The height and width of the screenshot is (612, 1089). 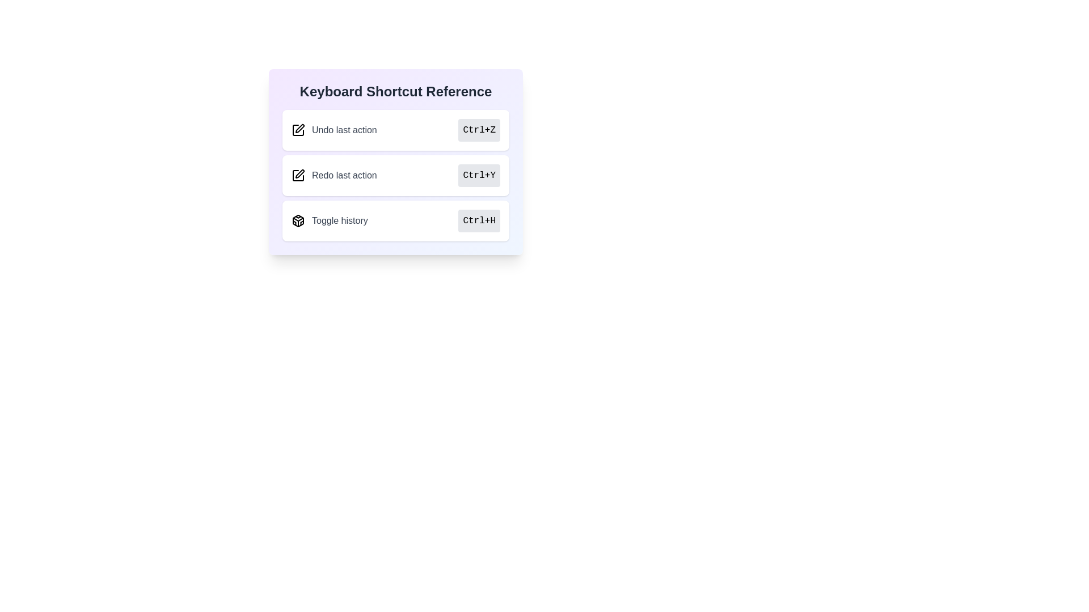 What do you see at coordinates (299, 128) in the screenshot?
I see `the small pen icon overlaying a square located in the second position of the horizontal list of icons` at bounding box center [299, 128].